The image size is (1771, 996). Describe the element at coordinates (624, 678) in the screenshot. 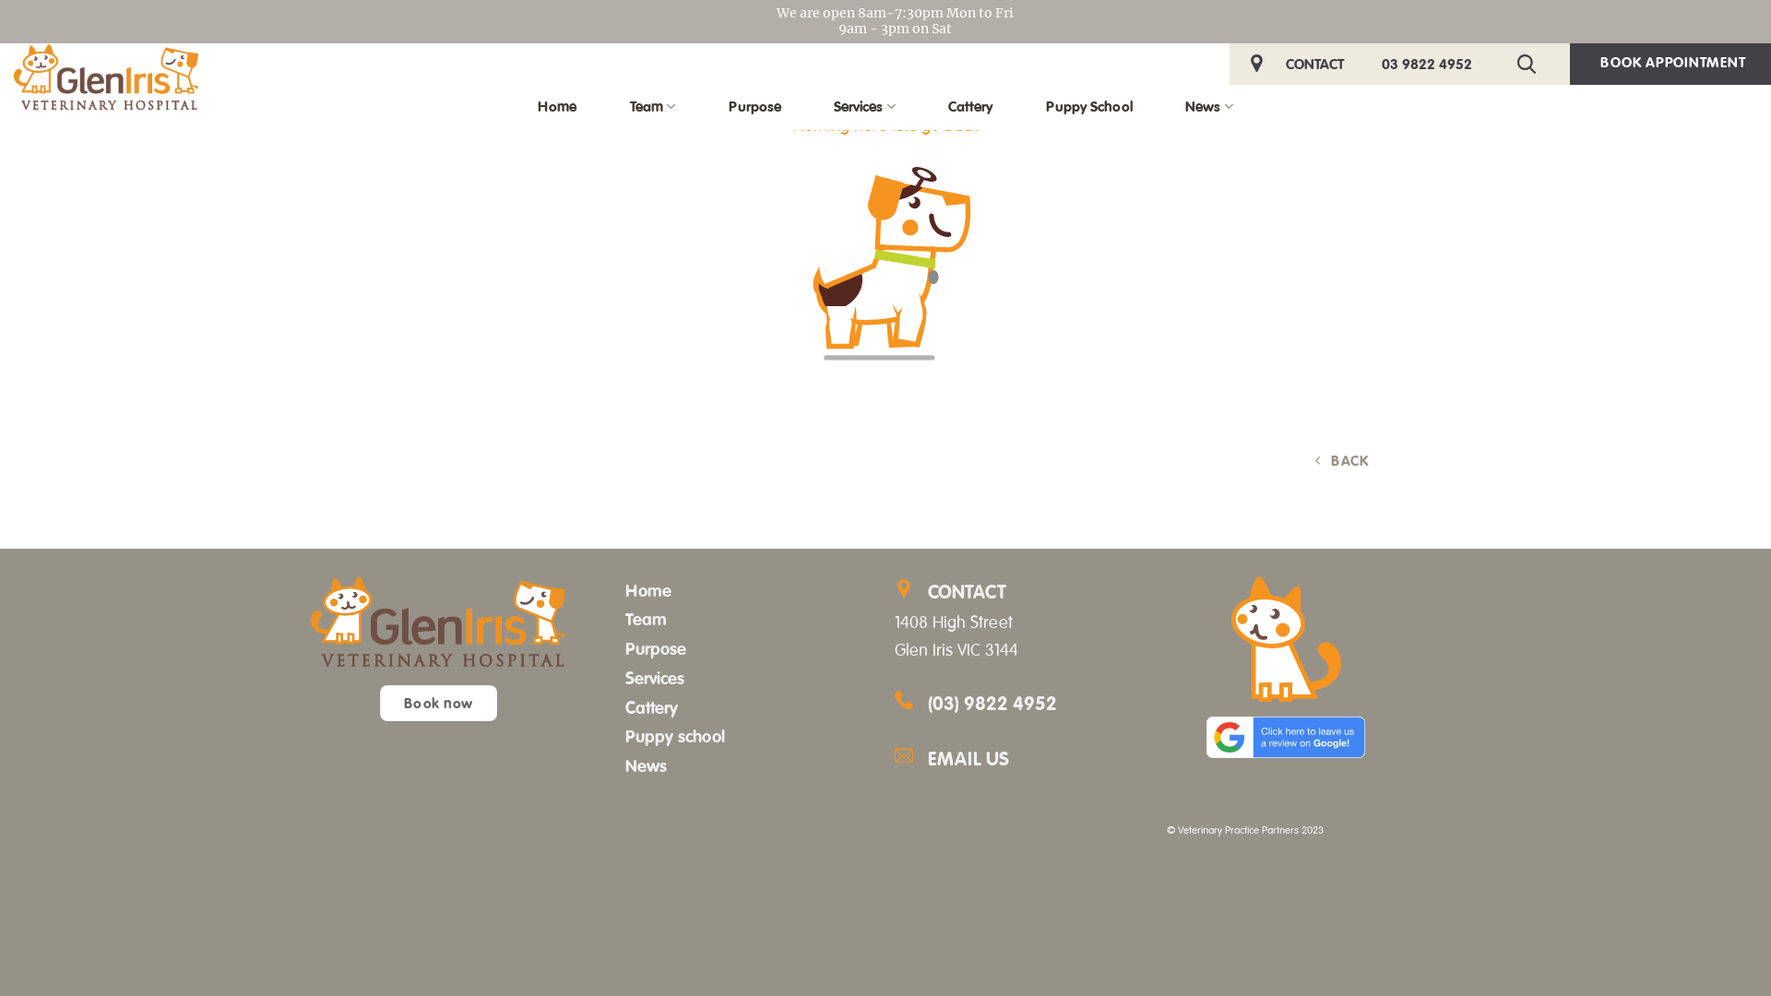

I see `'Services'` at that location.